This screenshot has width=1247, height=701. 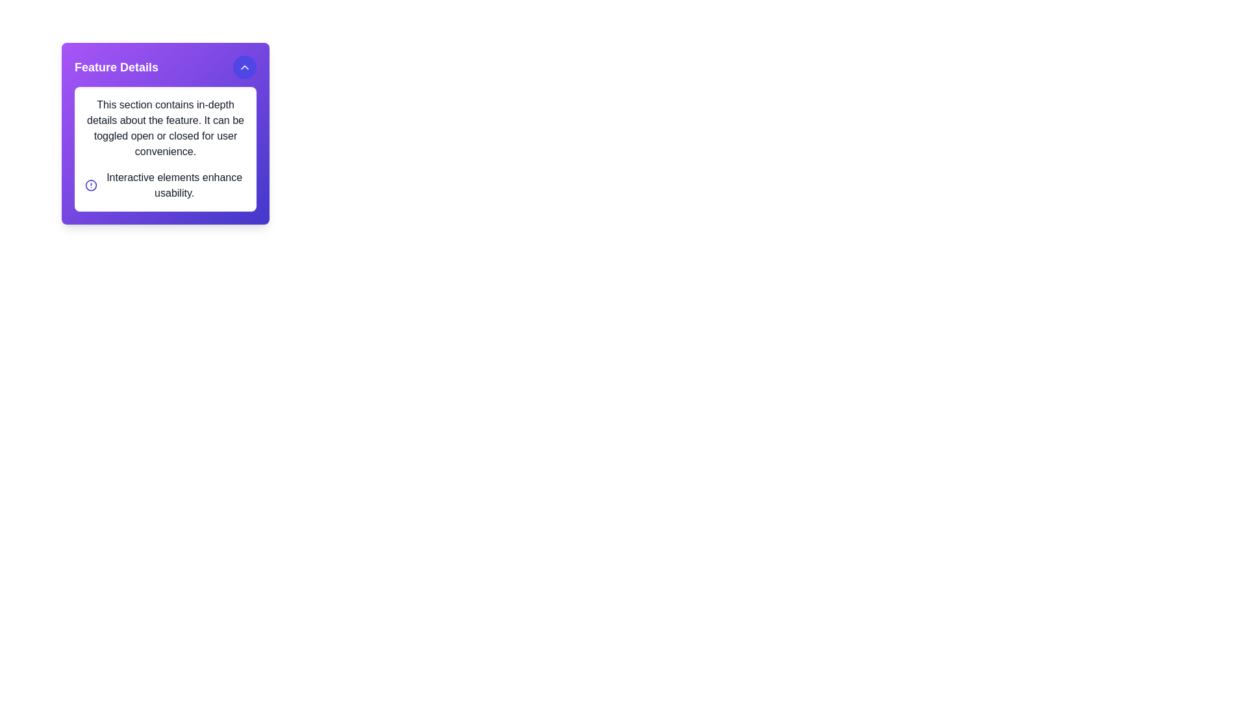 What do you see at coordinates (116, 68) in the screenshot?
I see `the 'Feature Details' text element, which is prominently displayed in a bold and large font against a purple background` at bounding box center [116, 68].